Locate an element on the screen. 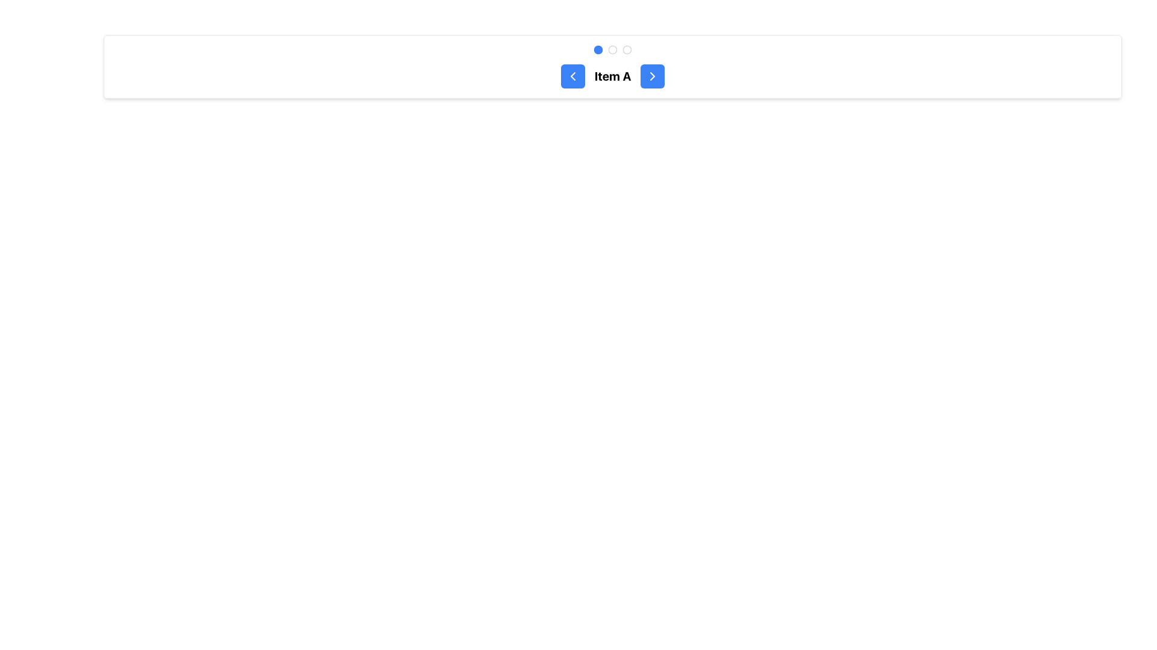 The width and height of the screenshot is (1157, 650). the status of the leftmost blue circular indicator in the navigation sequence located above 'Item A' is located at coordinates (598, 49).